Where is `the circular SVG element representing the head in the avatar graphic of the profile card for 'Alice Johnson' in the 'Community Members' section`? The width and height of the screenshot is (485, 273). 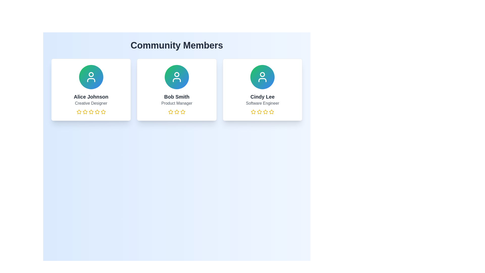
the circular SVG element representing the head in the avatar graphic of the profile card for 'Alice Johnson' in the 'Community Members' section is located at coordinates (91, 74).